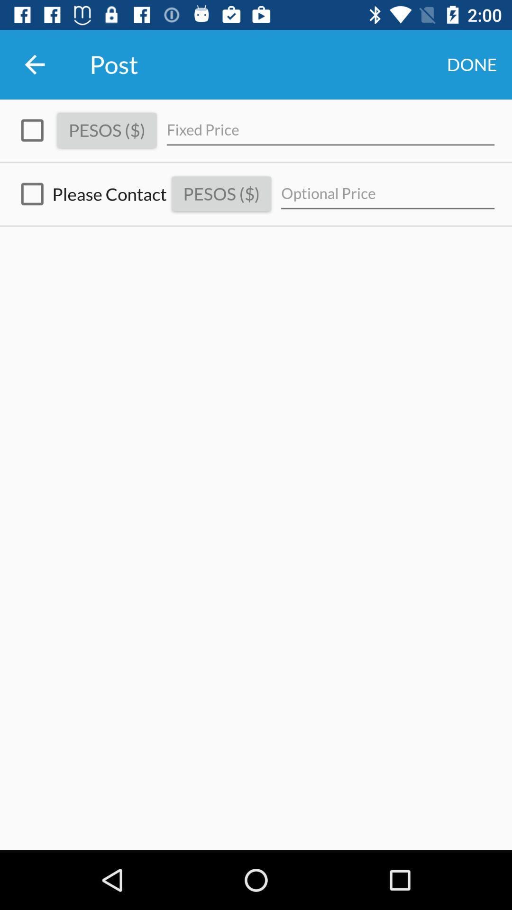  I want to click on the item next to pesos ($) item, so click(90, 193).